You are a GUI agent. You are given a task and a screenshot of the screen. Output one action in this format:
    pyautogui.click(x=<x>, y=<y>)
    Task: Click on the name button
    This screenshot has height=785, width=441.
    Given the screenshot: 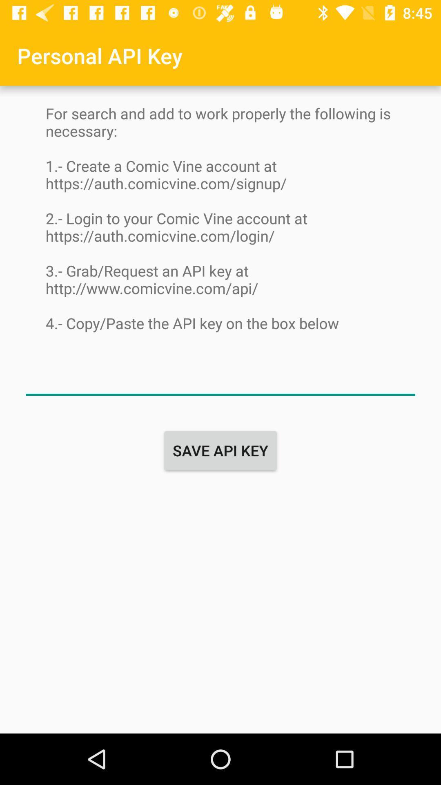 What is the action you would take?
    pyautogui.click(x=220, y=378)
    